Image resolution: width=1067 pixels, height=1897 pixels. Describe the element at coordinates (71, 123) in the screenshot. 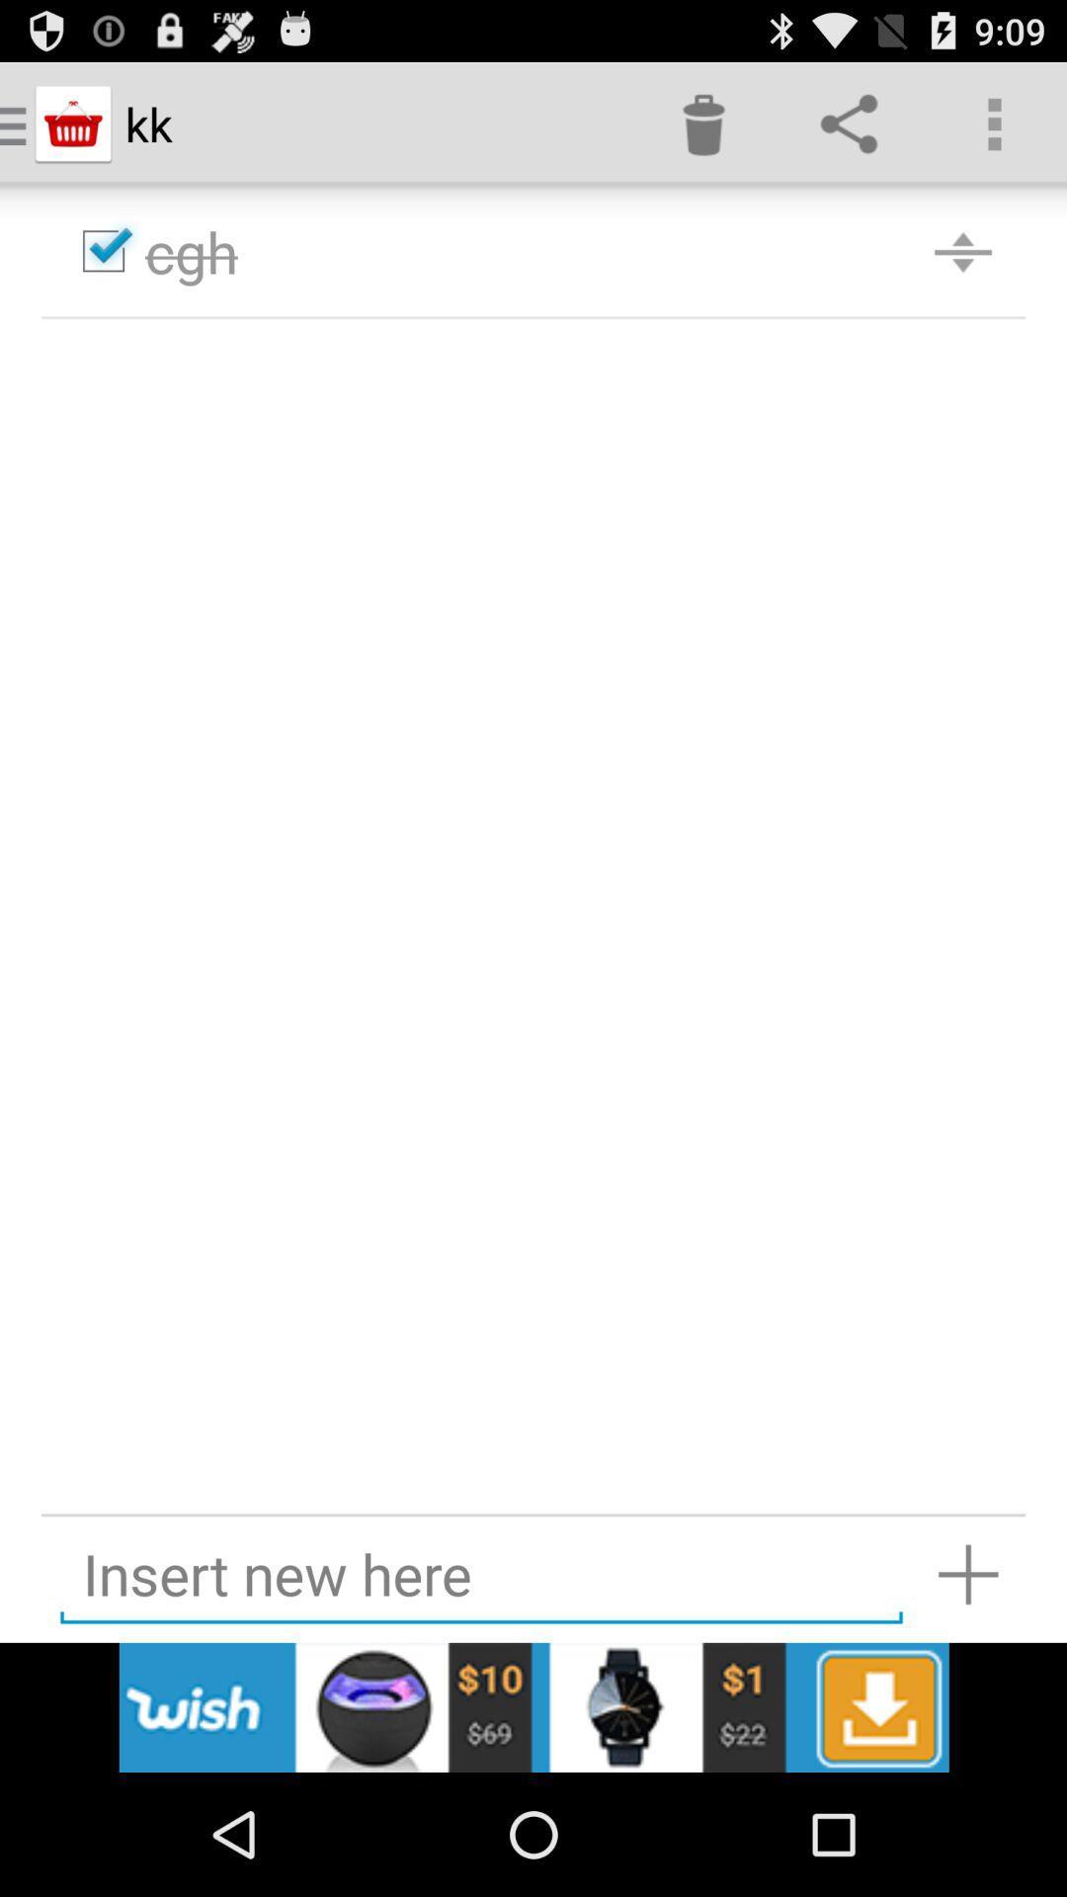

I see `the icon which is left of the kk` at that location.